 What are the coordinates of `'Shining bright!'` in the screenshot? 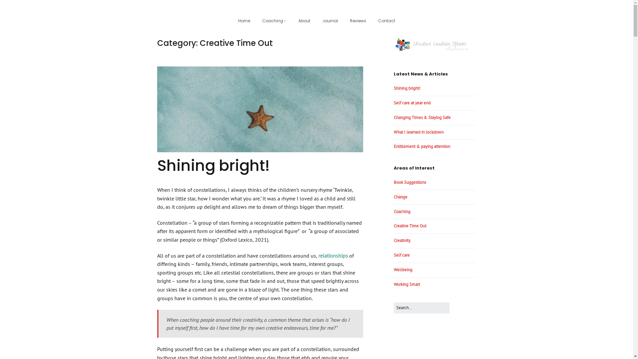 It's located at (406, 88).